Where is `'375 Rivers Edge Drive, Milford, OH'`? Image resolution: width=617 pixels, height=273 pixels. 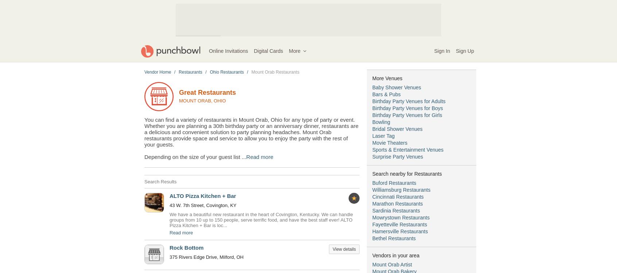
'375 Rivers Edge Drive, Milford, OH' is located at coordinates (206, 257).